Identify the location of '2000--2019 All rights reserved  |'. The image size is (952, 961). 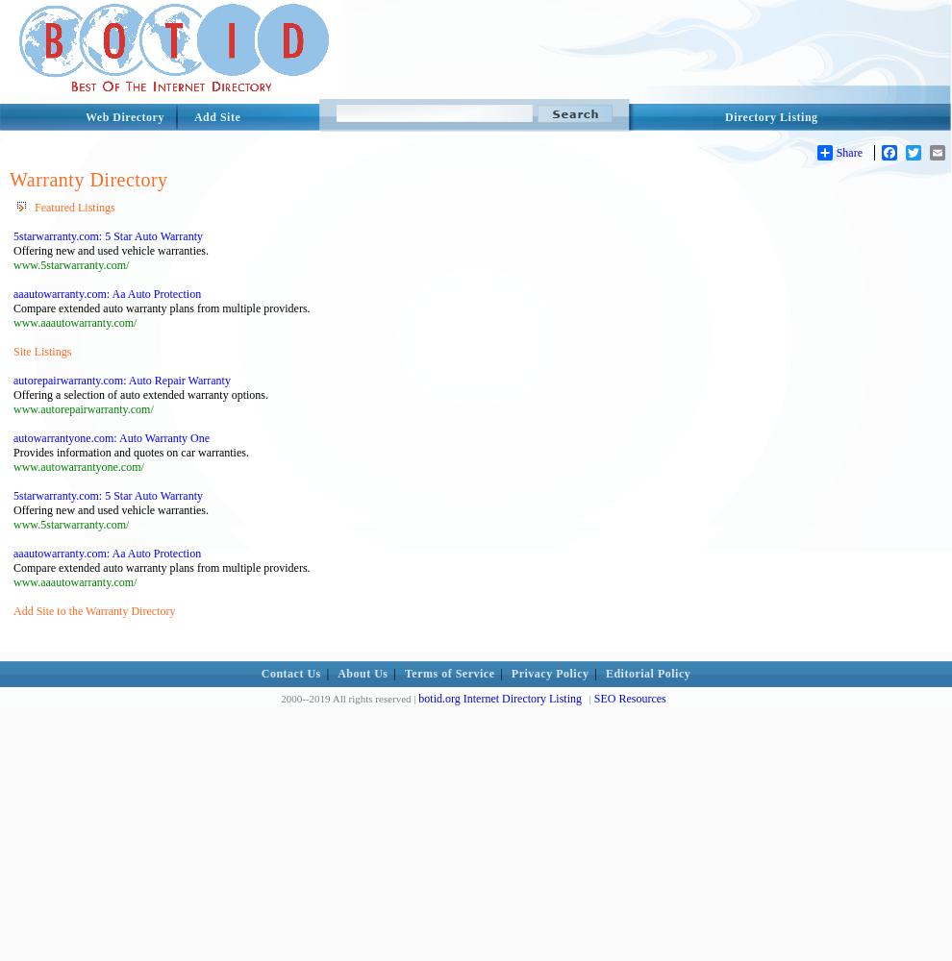
(349, 698).